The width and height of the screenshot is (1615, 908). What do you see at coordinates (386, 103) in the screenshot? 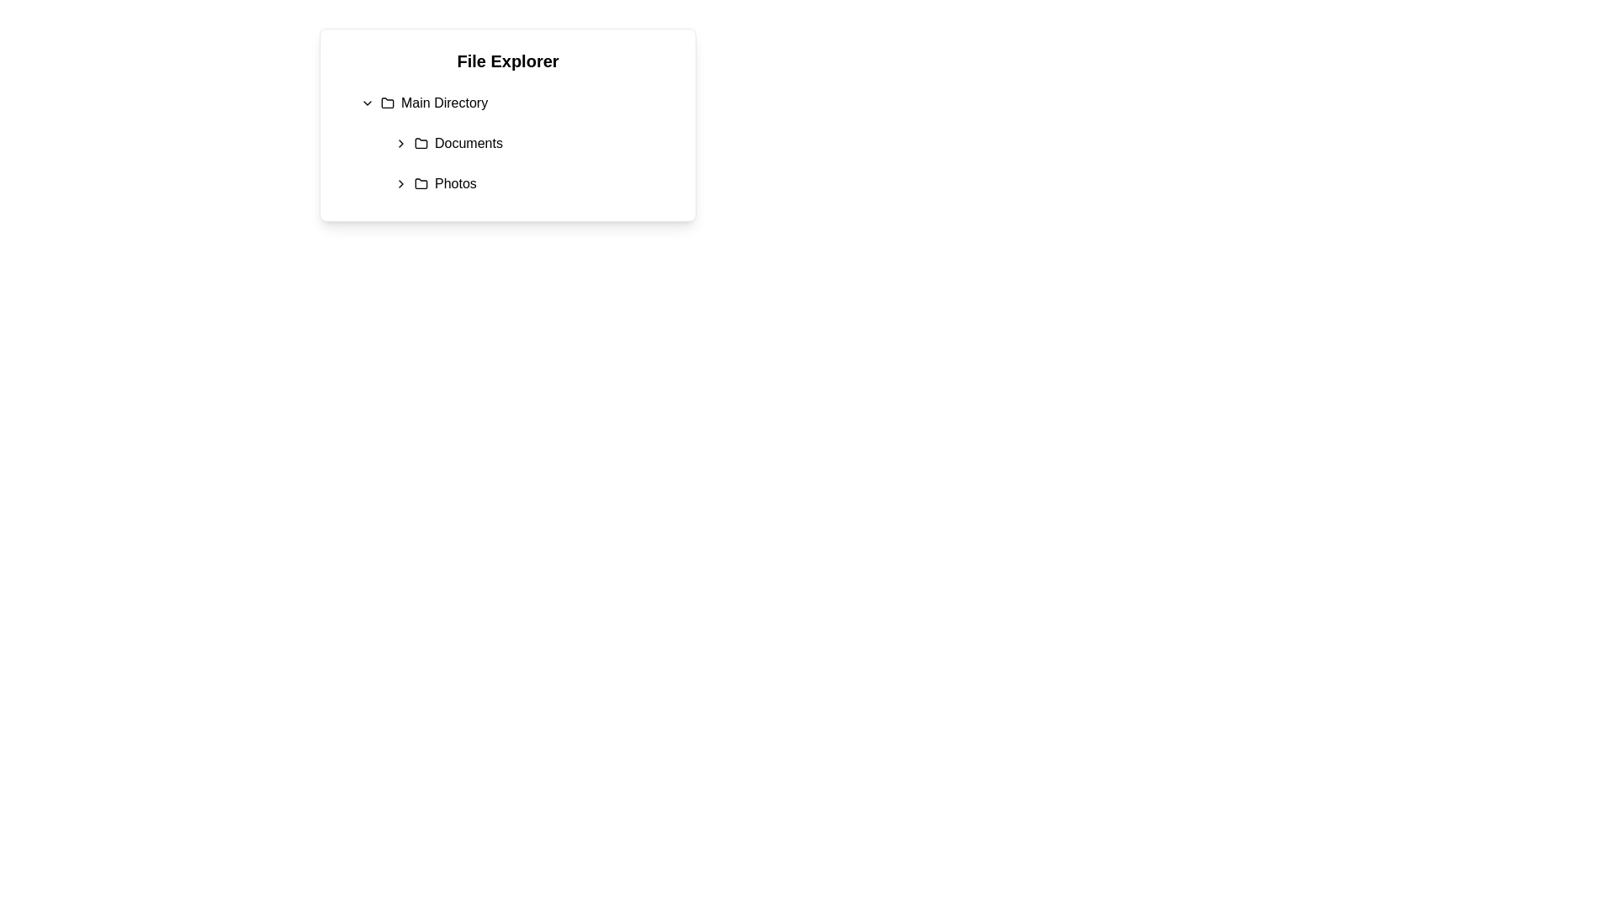
I see `the folder icon indicating the 'Main Directory' in the file explorer interface` at bounding box center [386, 103].